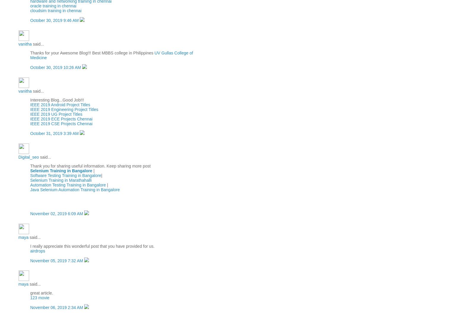  I want to click on 'IEEE 2019 CSE Projects Chennai', so click(61, 123).